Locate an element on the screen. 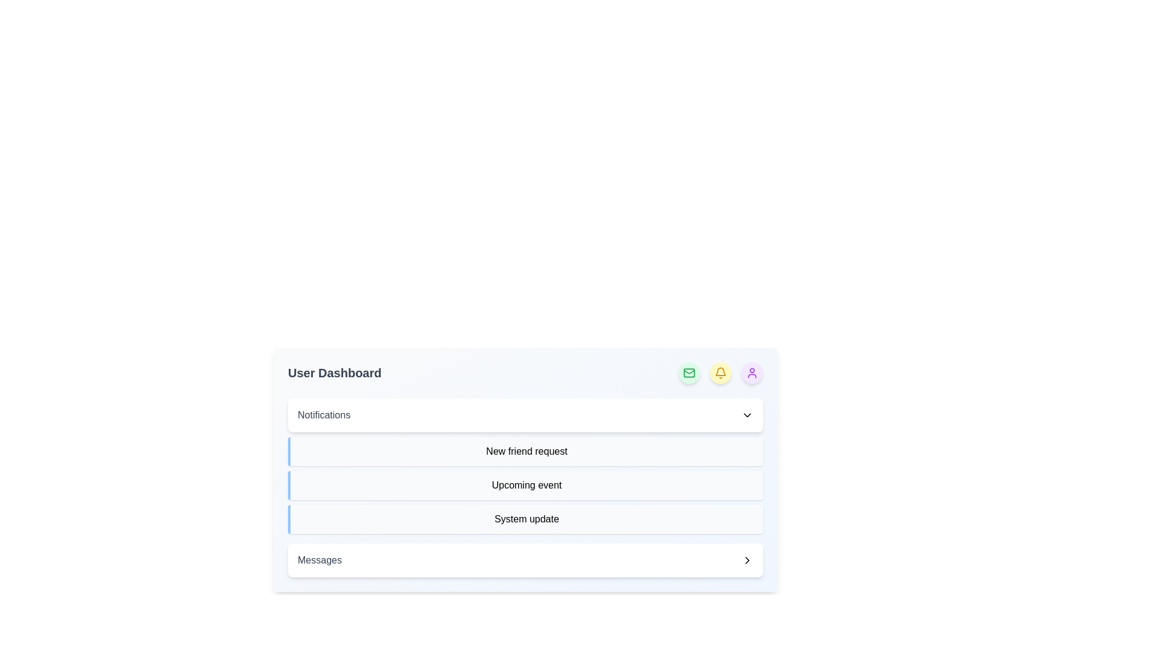 This screenshot has width=1162, height=653. the rectangular component with rounded corners that forms the body of the envelope icon in the top-right corner of the dashboard interface is located at coordinates (689, 372).